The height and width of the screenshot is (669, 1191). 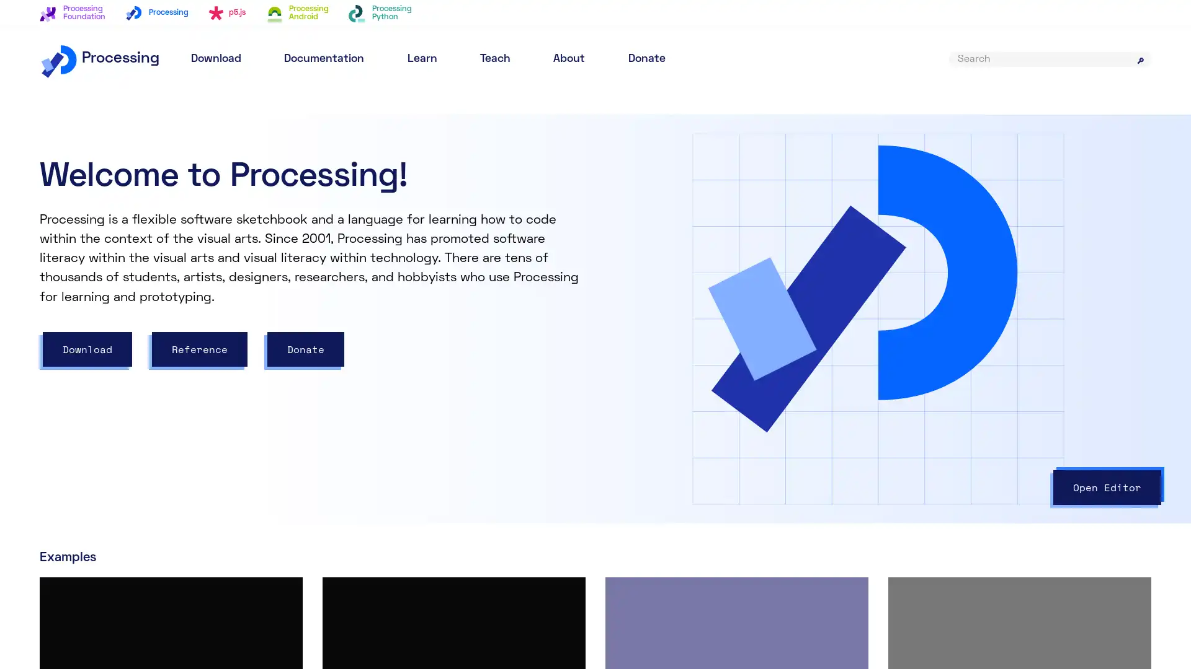 I want to click on change position, so click(x=698, y=367).